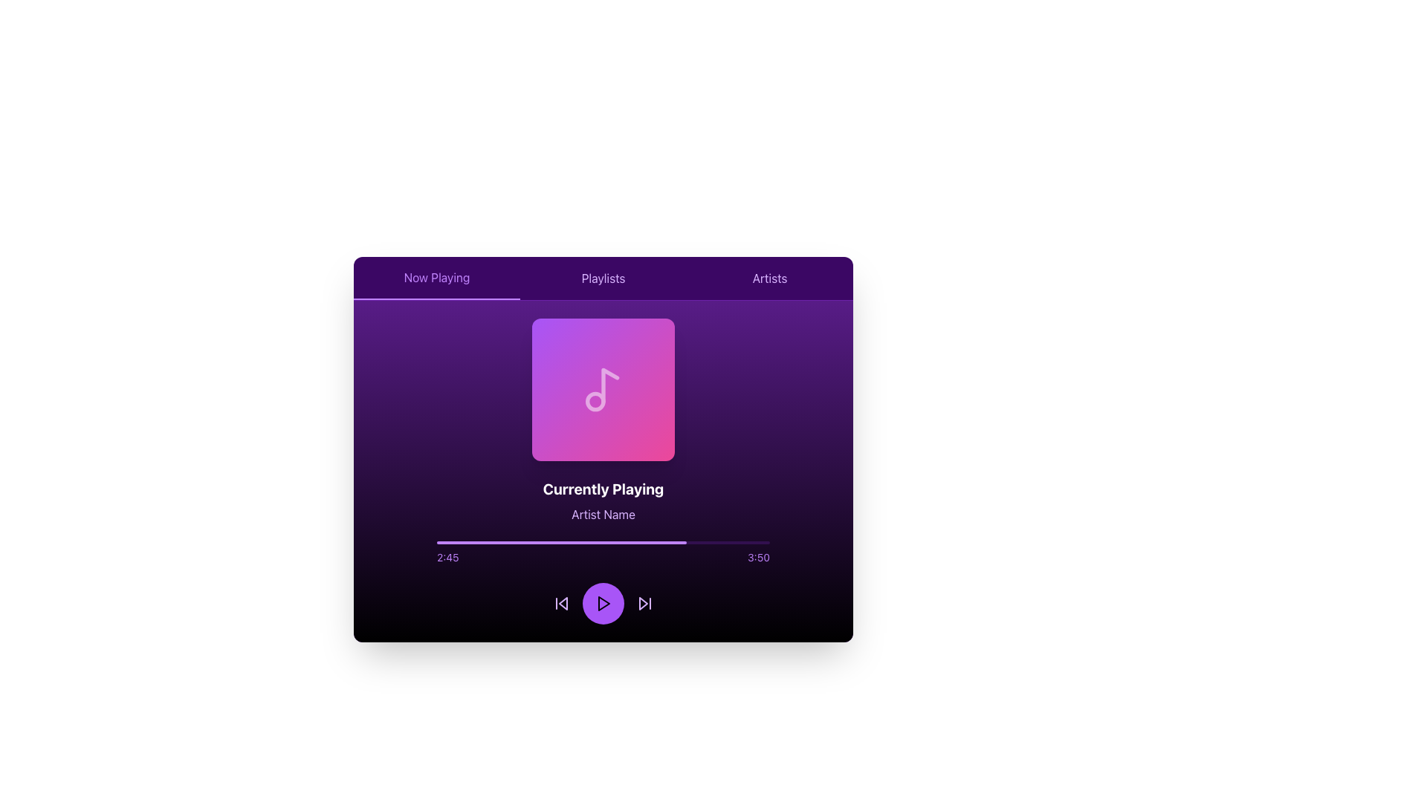  Describe the element at coordinates (436, 543) in the screenshot. I see `the media playback position` at that location.